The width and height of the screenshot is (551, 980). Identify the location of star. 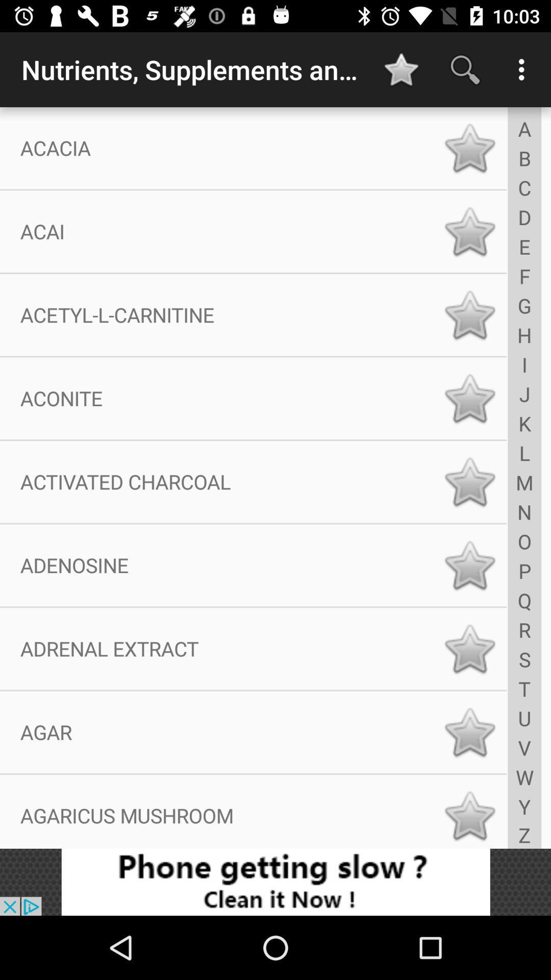
(469, 148).